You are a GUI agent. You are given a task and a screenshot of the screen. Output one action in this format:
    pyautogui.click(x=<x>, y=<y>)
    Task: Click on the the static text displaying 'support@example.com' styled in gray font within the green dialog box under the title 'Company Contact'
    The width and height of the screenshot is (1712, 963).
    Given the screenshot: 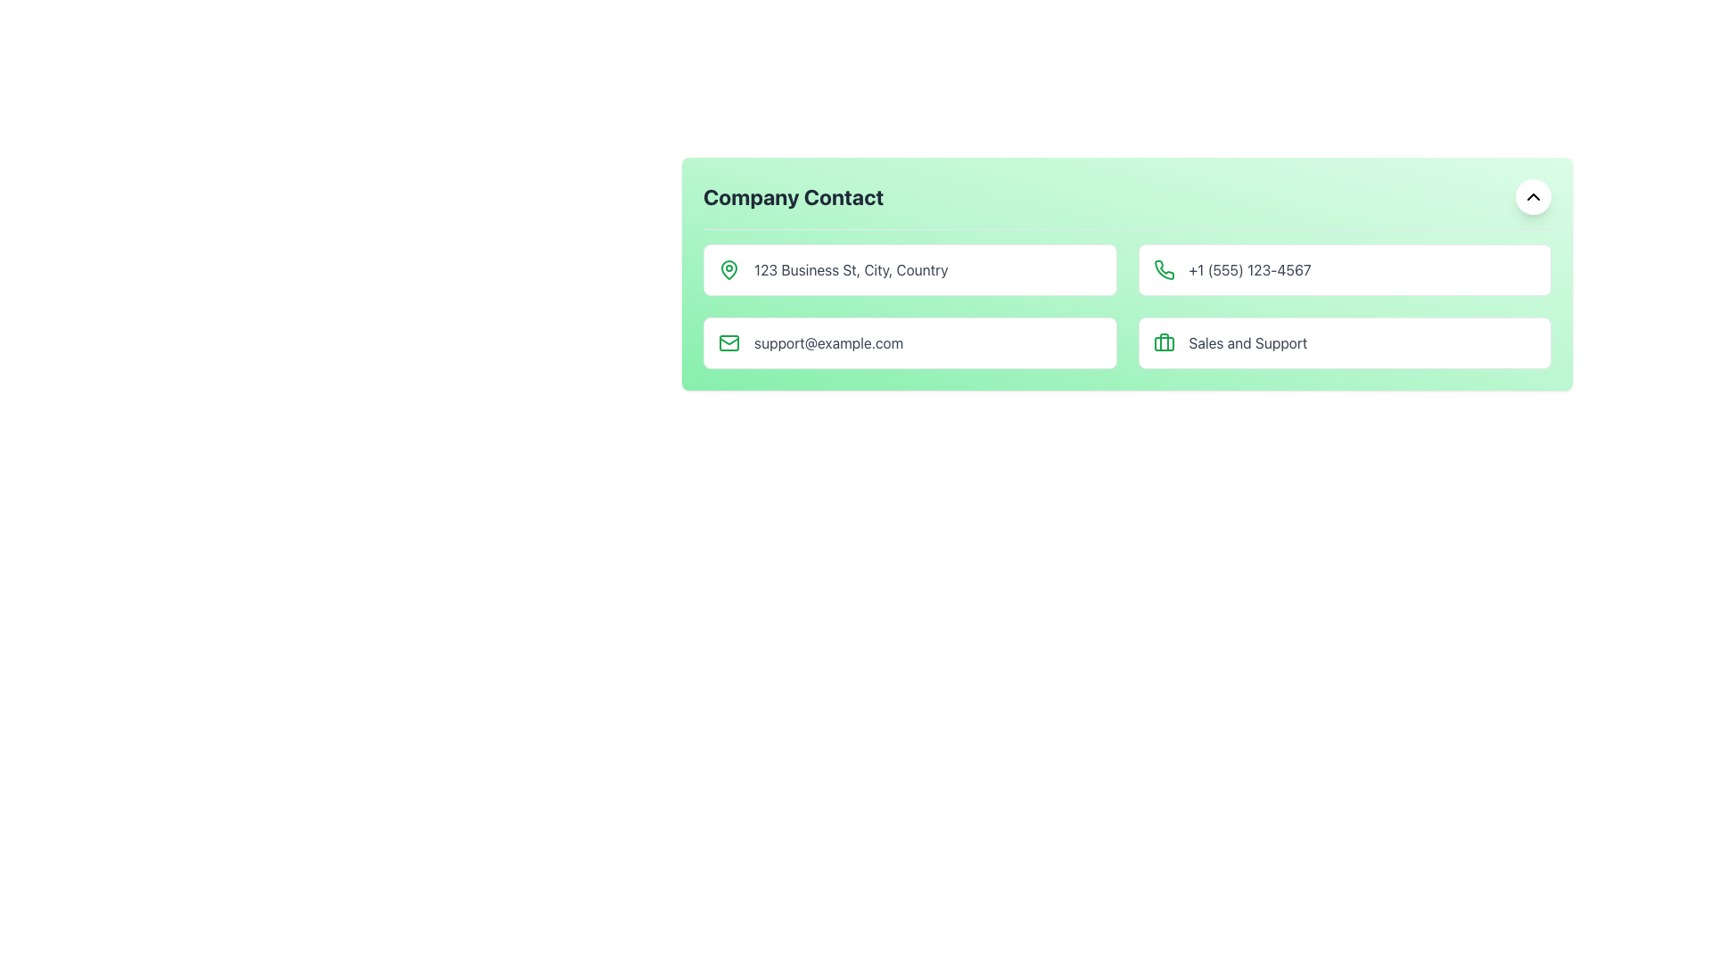 What is the action you would take?
    pyautogui.click(x=827, y=343)
    